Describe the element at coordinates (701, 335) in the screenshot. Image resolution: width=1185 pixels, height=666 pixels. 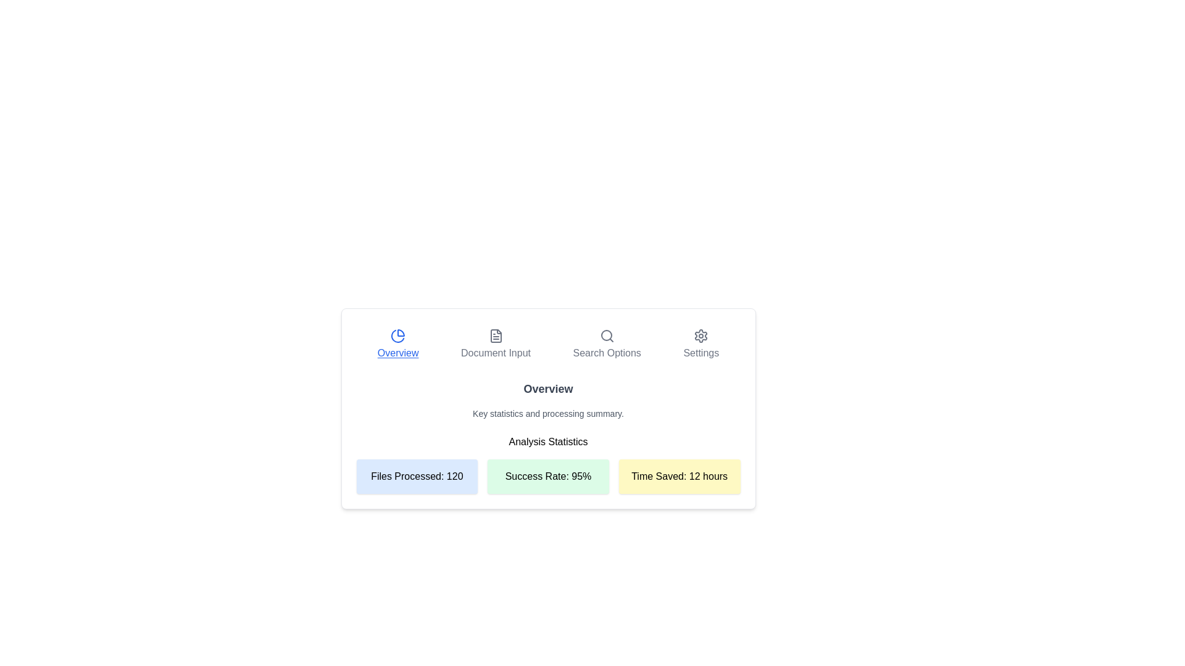
I see `the gear-shaped icon located in the menu bar at the top section of the card interface` at that location.